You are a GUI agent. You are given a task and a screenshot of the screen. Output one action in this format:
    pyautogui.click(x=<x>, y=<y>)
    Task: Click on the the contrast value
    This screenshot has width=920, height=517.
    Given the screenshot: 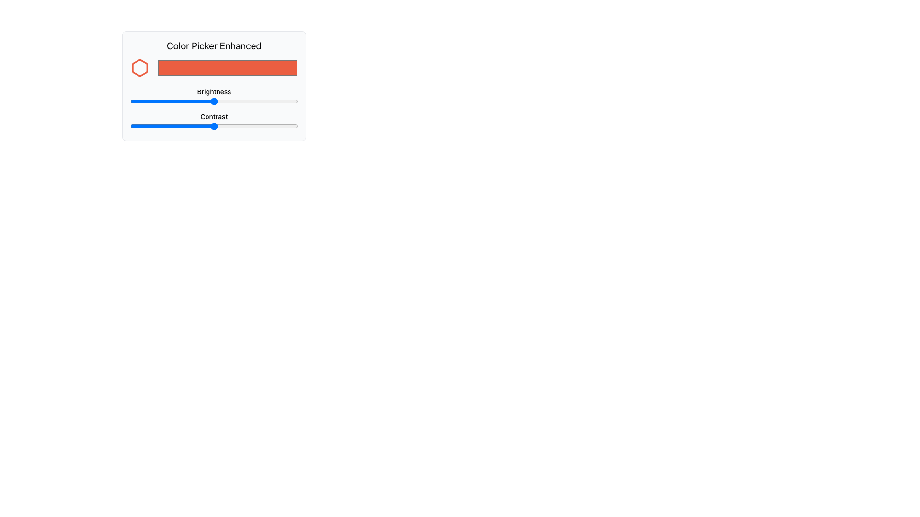 What is the action you would take?
    pyautogui.click(x=177, y=125)
    